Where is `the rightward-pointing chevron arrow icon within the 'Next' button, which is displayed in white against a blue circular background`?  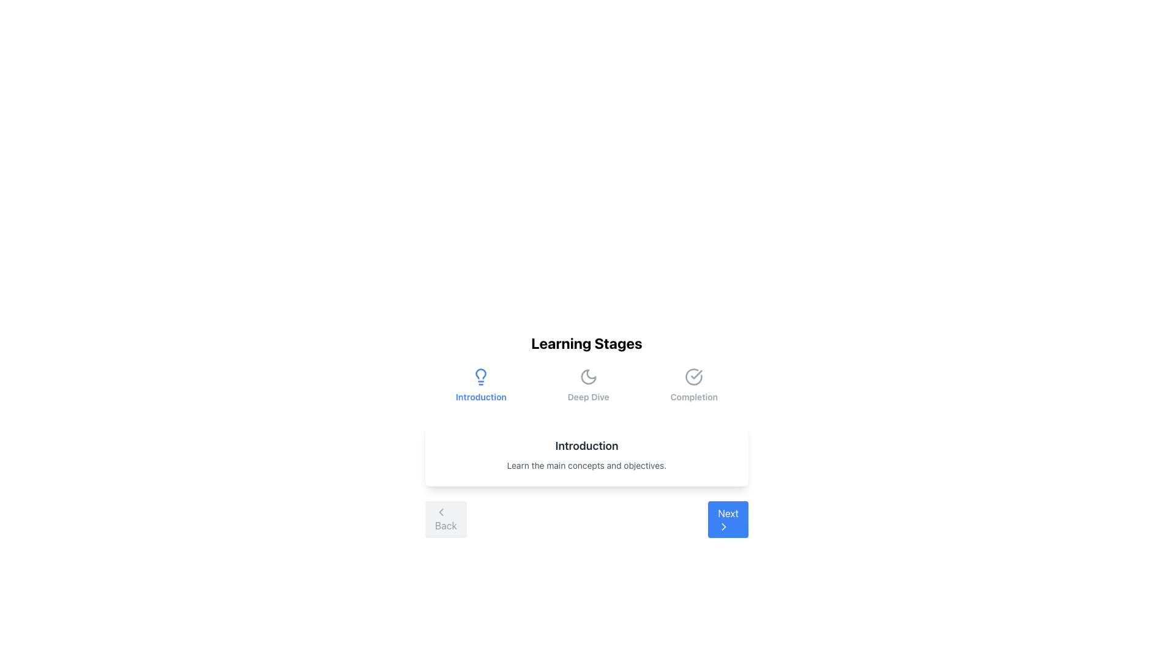 the rightward-pointing chevron arrow icon within the 'Next' button, which is displayed in white against a blue circular background is located at coordinates (724, 526).